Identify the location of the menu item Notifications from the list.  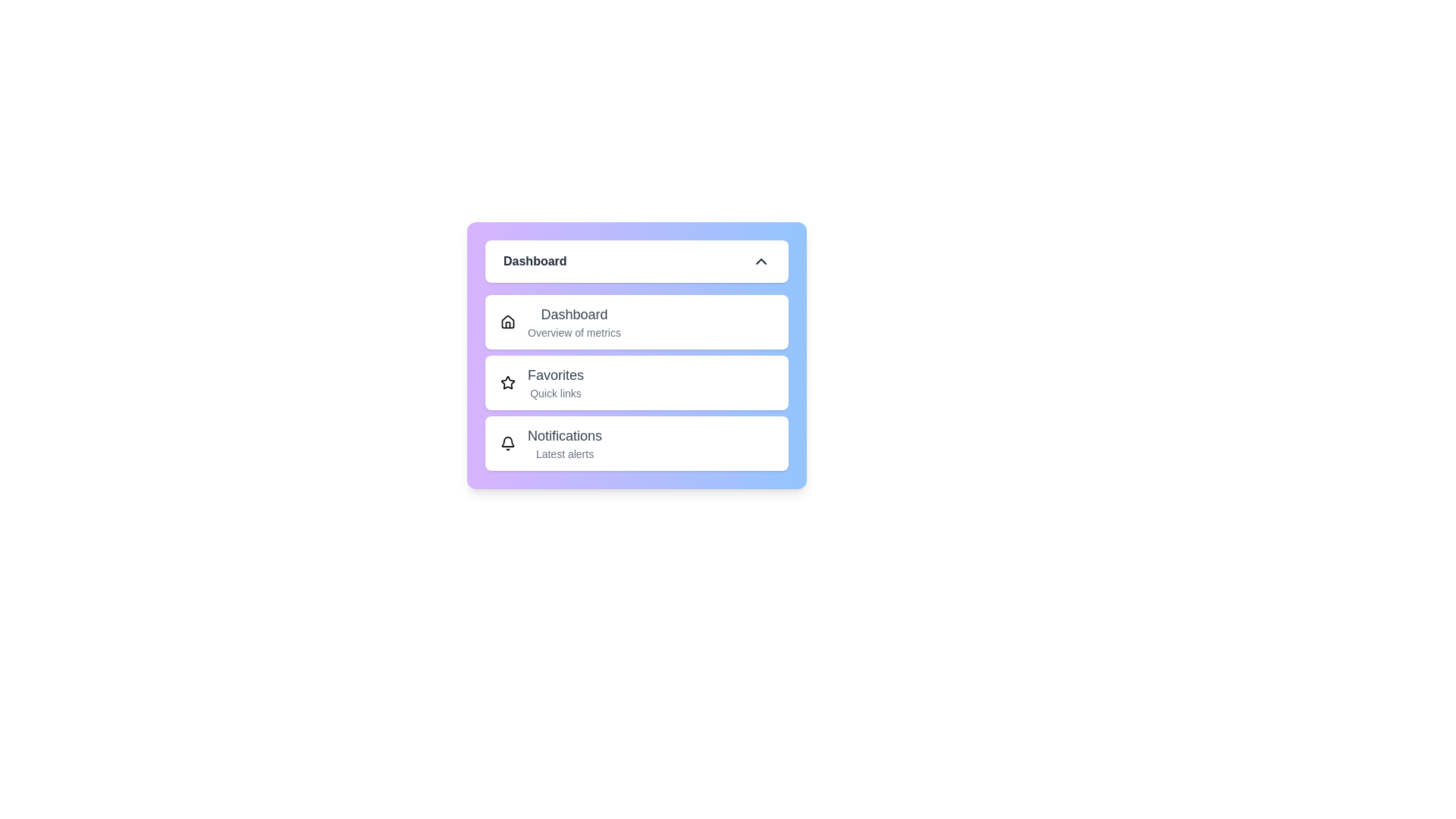
(637, 444).